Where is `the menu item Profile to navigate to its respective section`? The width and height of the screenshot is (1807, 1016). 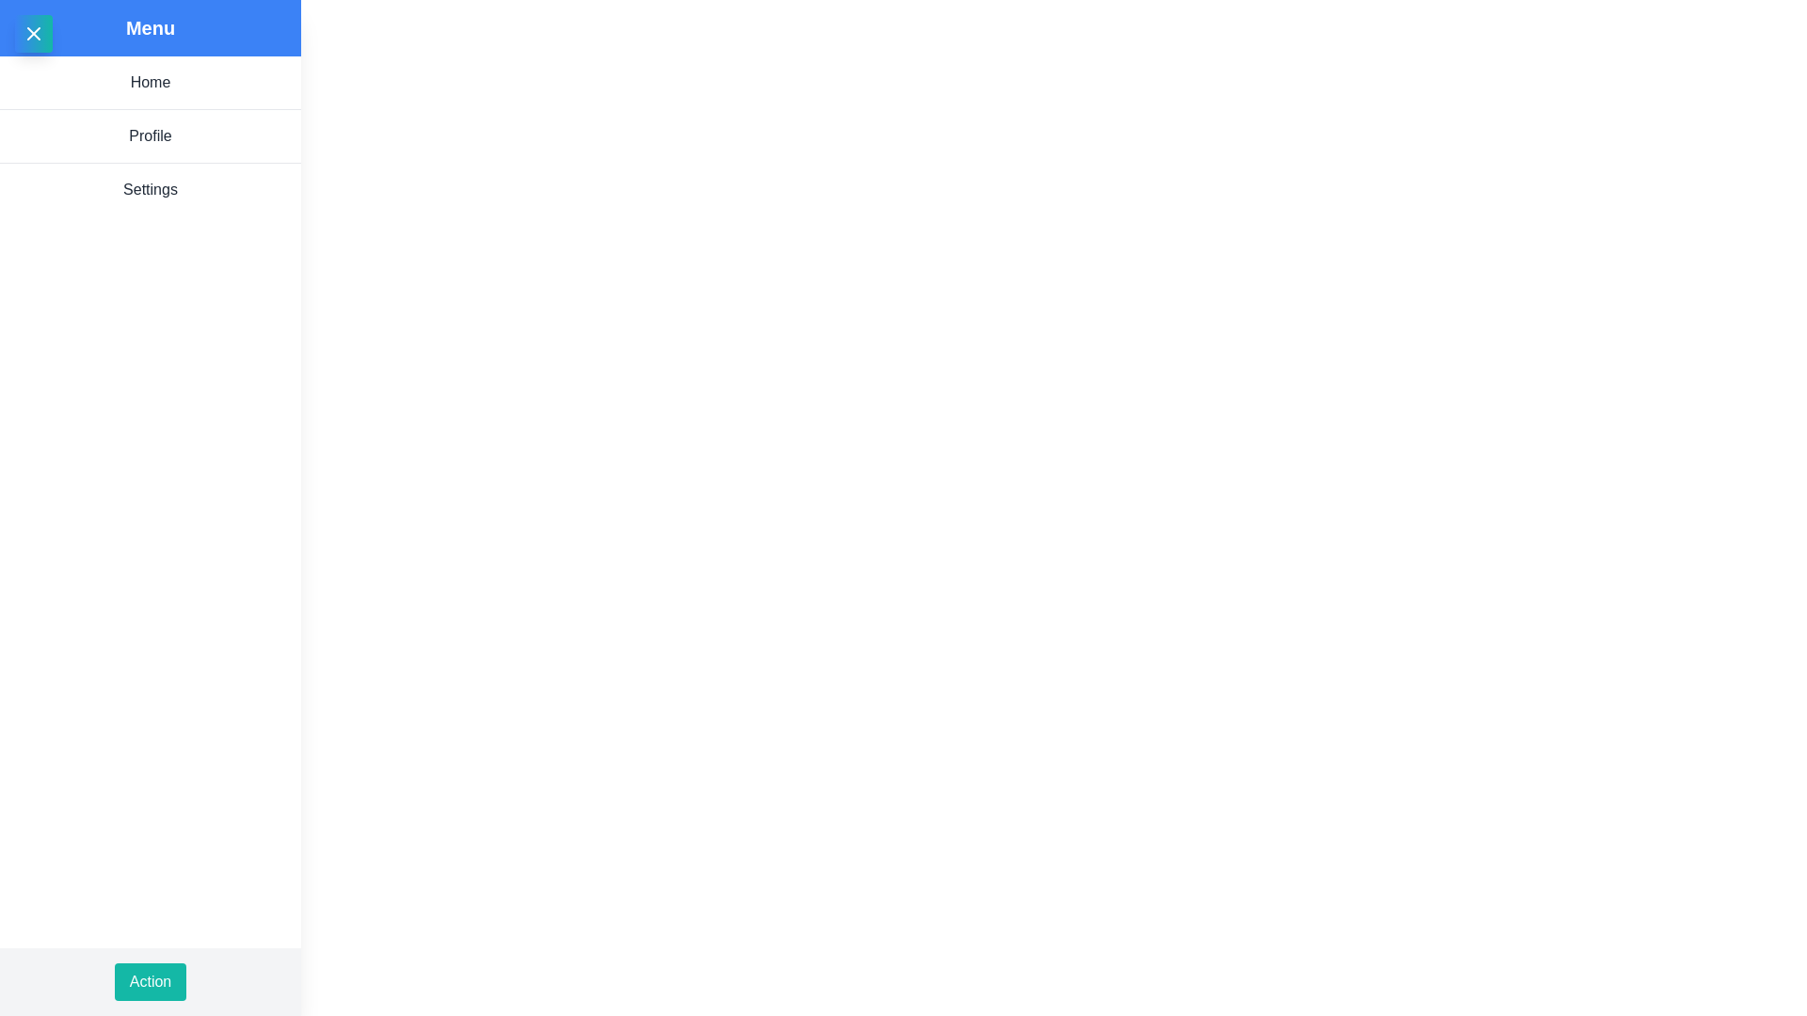
the menu item Profile to navigate to its respective section is located at coordinates (149, 135).